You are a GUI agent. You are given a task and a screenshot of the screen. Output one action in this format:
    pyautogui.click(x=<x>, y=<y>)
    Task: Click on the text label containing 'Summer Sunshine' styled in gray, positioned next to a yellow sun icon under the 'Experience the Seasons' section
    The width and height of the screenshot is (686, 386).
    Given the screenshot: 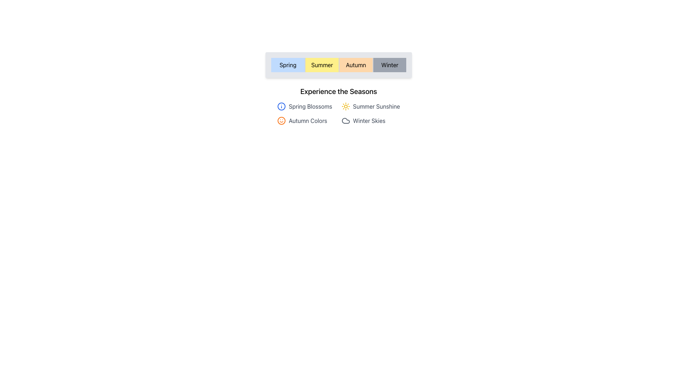 What is the action you would take?
    pyautogui.click(x=376, y=106)
    